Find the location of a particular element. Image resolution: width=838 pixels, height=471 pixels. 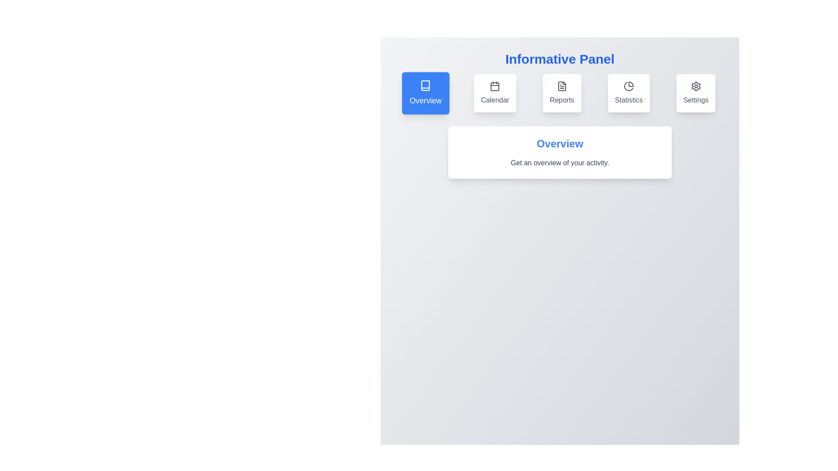

the button that navigates to the 'Calendar' section located in the second position from the left in the horizontal menu bar is located at coordinates (495, 93).